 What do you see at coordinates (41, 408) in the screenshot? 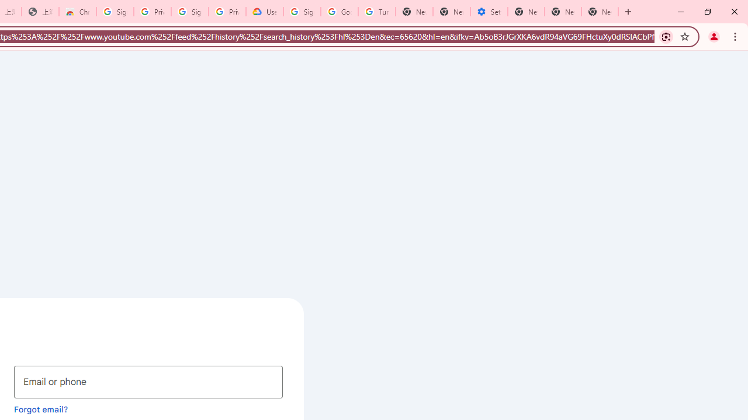
I see `'Forgot email?'` at bounding box center [41, 408].